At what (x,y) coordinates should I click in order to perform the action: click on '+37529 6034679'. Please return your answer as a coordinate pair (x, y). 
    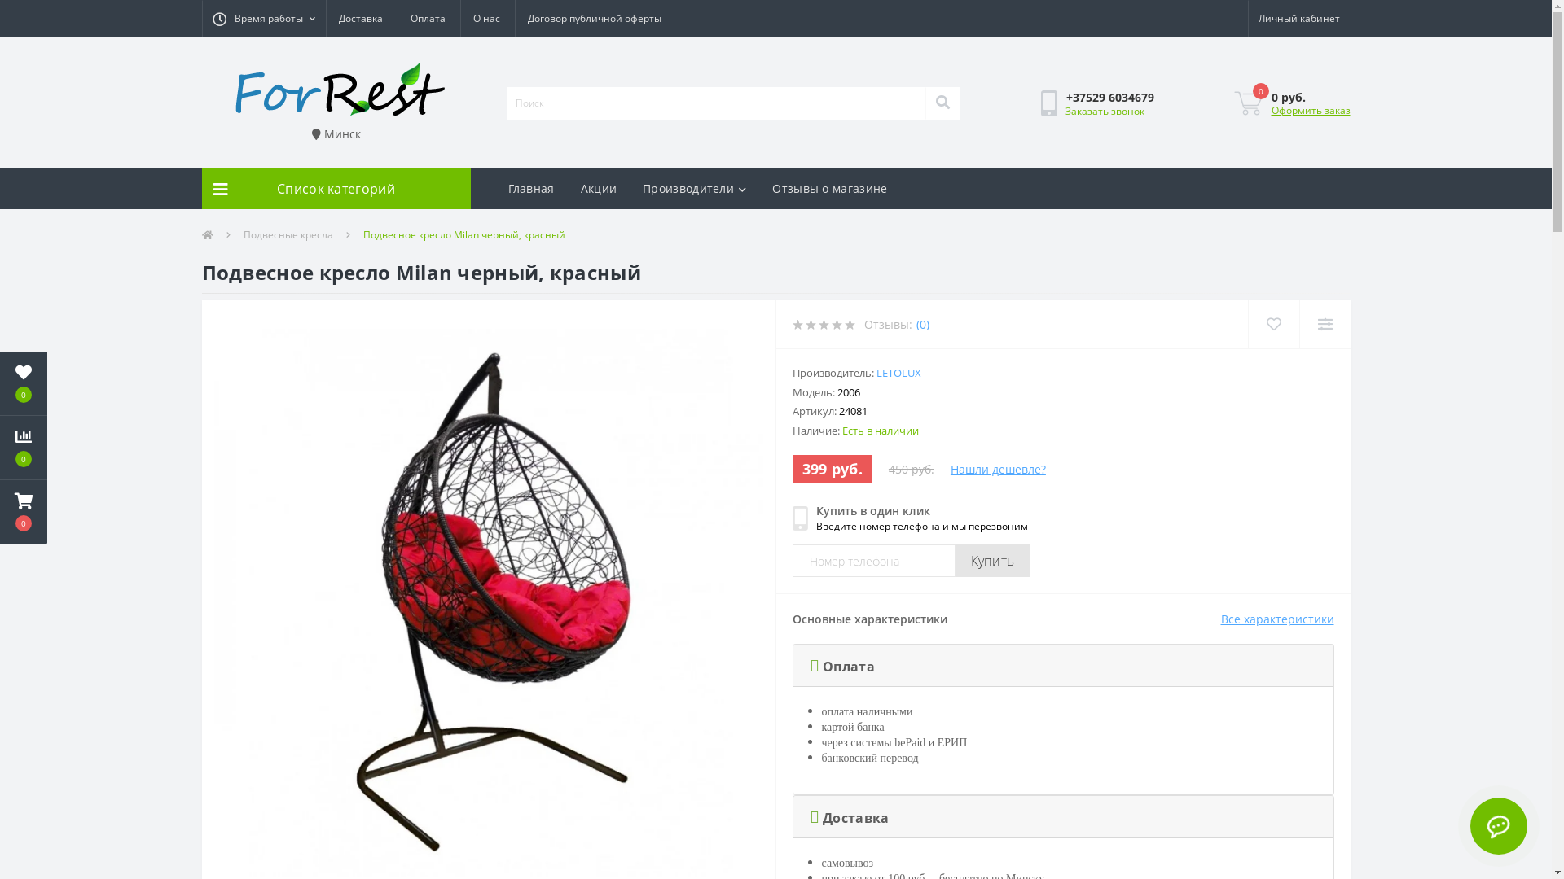
    Looking at the image, I should click on (1109, 97).